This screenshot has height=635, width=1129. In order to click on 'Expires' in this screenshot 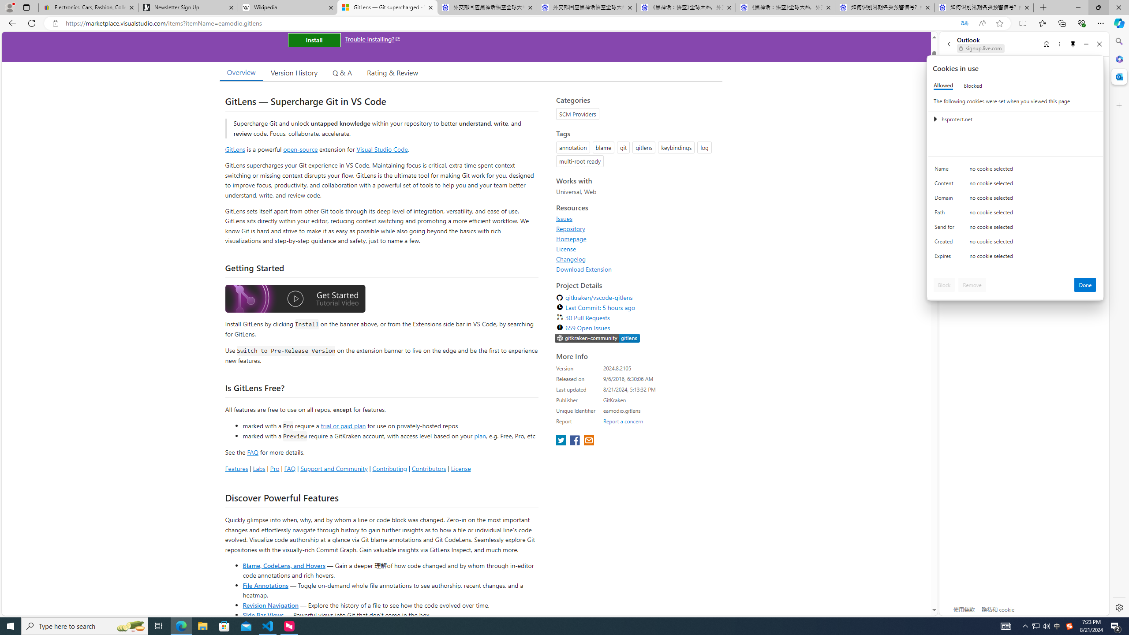, I will do `click(946, 258)`.